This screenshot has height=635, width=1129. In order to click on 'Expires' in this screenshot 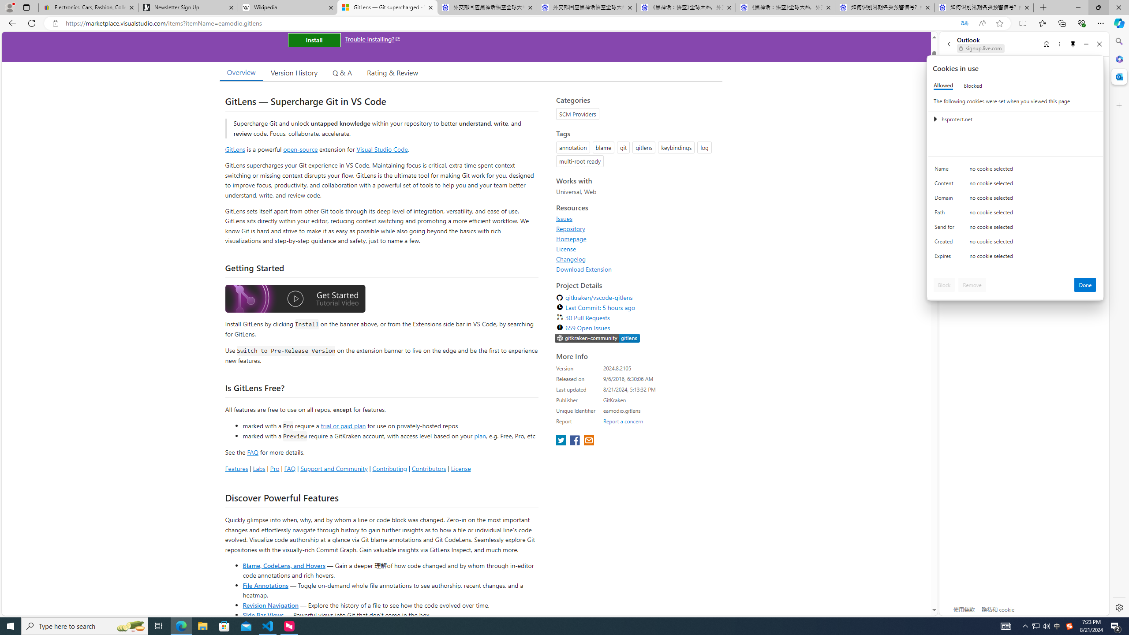, I will do `click(946, 258)`.